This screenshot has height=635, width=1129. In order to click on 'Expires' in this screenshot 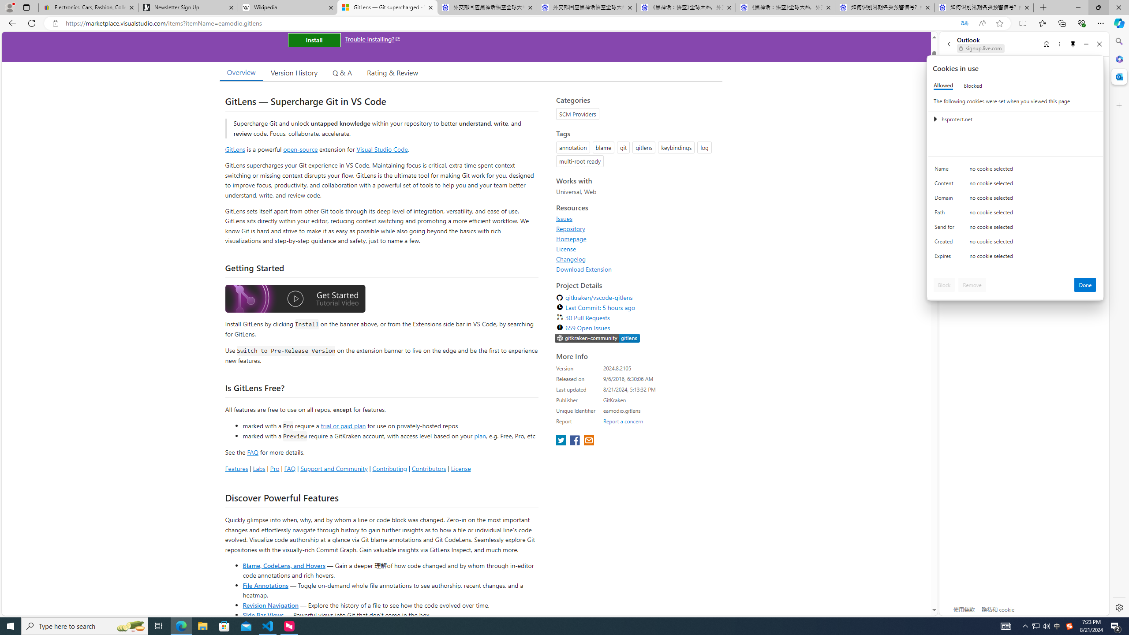, I will do `click(946, 258)`.